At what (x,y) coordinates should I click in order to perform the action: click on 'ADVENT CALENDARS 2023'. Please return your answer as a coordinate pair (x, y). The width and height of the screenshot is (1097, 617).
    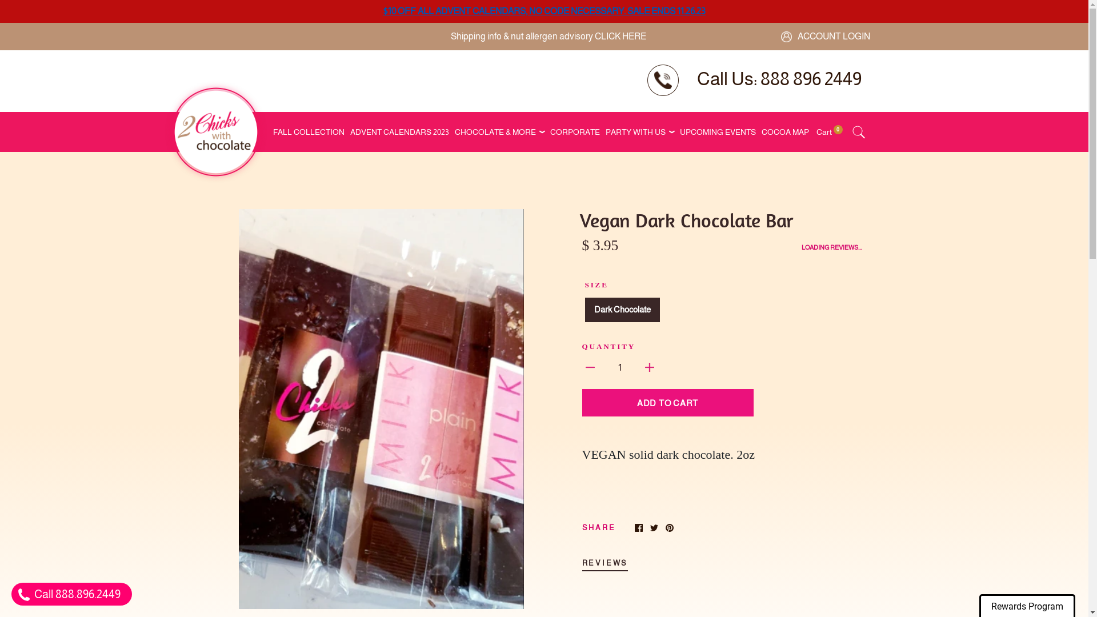
    Looking at the image, I should click on (399, 131).